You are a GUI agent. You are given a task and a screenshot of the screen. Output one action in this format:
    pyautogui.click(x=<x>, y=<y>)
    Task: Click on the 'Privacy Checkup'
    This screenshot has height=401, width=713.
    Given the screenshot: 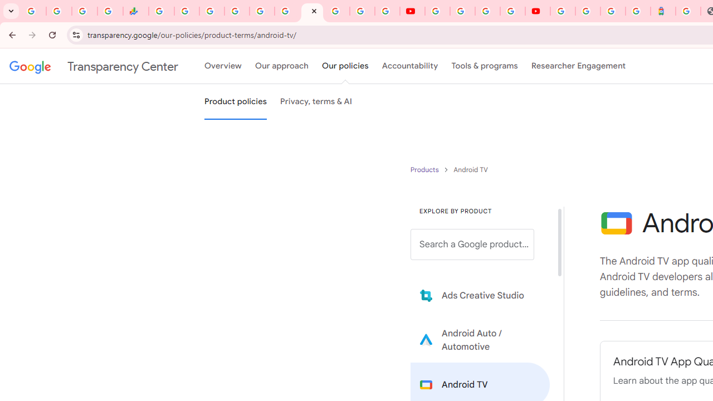 What is the action you would take?
    pyautogui.click(x=387, y=11)
    